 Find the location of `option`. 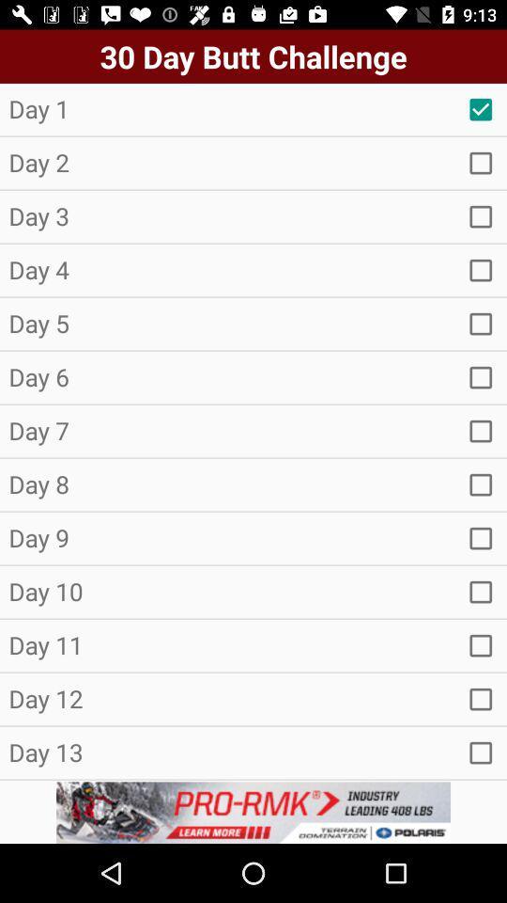

option is located at coordinates (481, 483).